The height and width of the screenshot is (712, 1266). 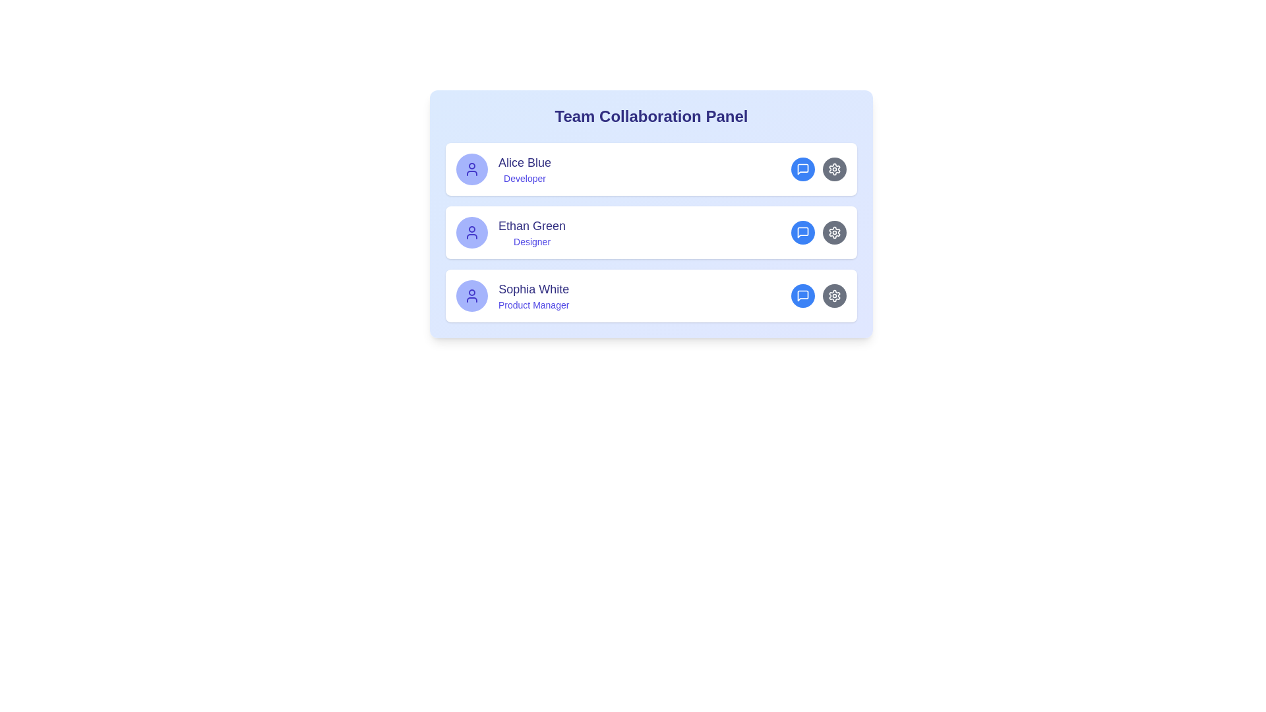 I want to click on the small circular gear icon associated with the user 'Alice Blue' in the Team Collaboration Panel, so click(x=834, y=169).